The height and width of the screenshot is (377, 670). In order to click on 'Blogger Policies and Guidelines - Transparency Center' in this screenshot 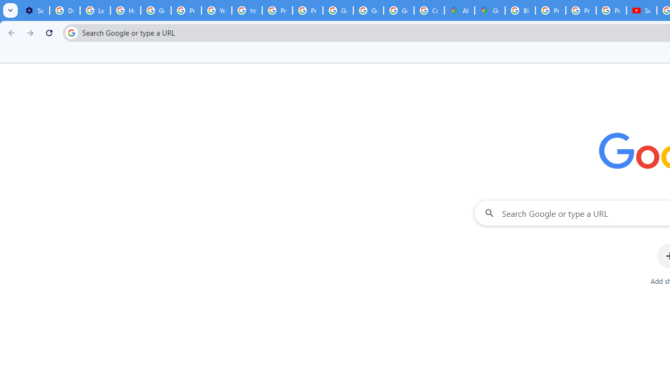, I will do `click(520, 10)`.